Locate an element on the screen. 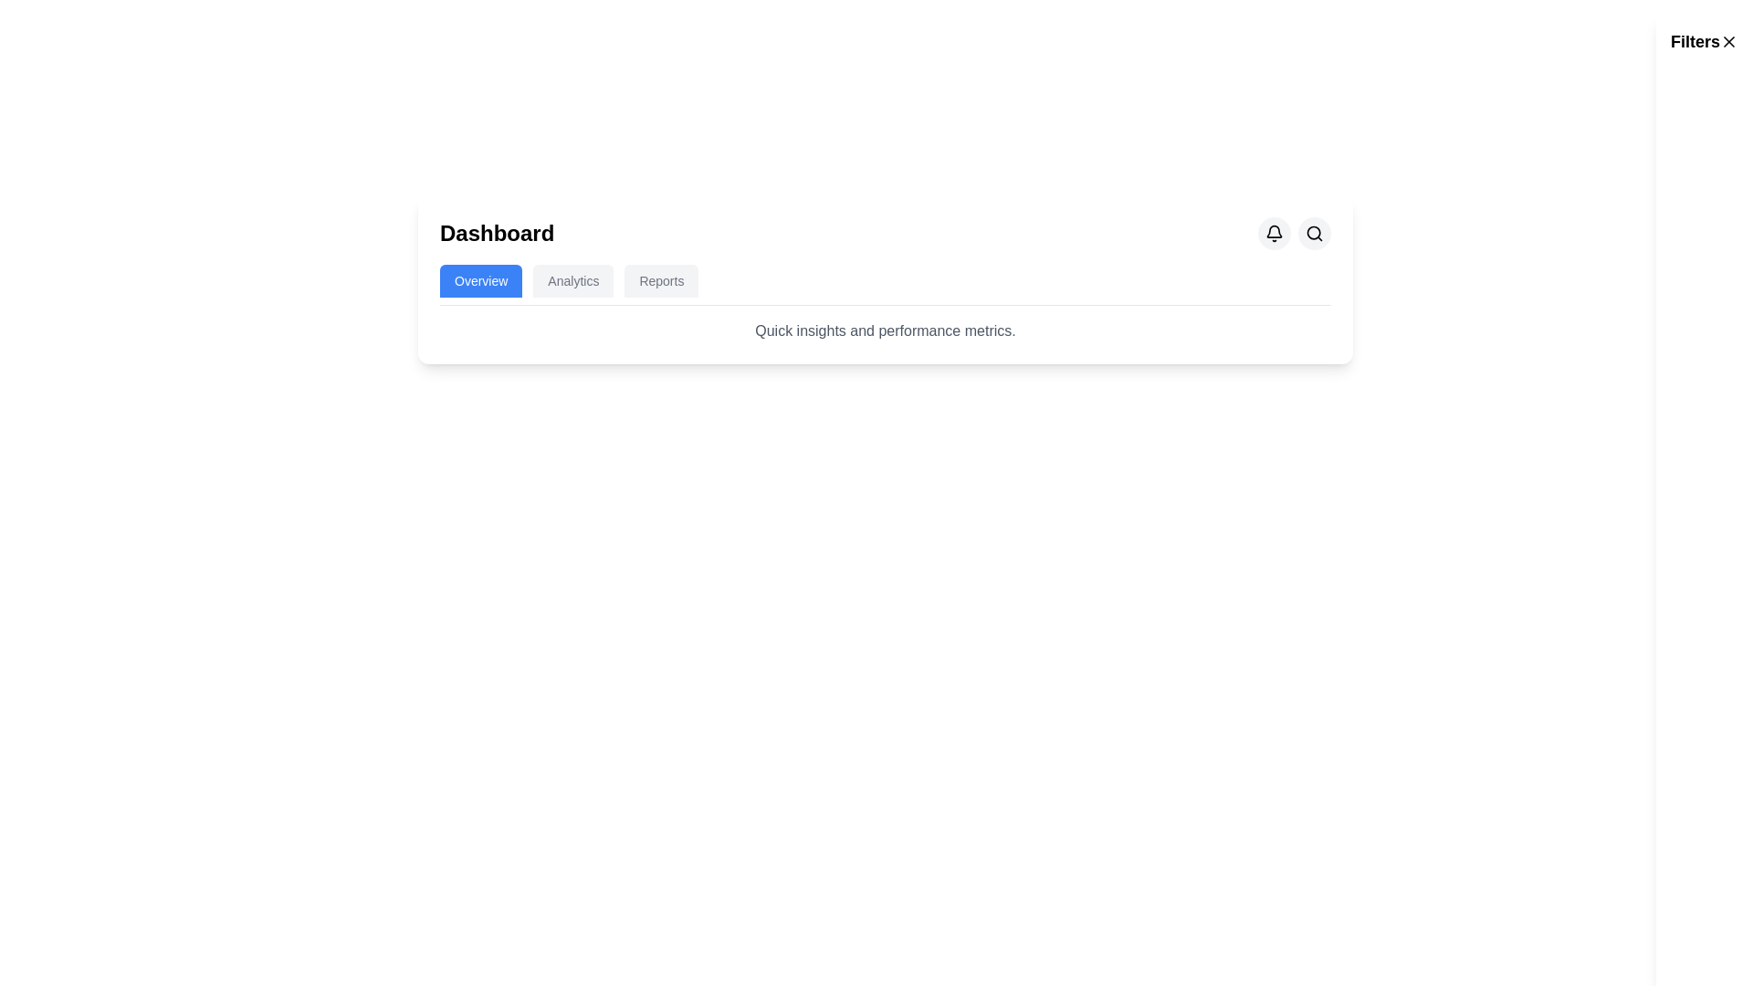 The width and height of the screenshot is (1753, 986). the central circle of the magnifying glass icon located at the top-right corner of the interface is located at coordinates (1313, 232).